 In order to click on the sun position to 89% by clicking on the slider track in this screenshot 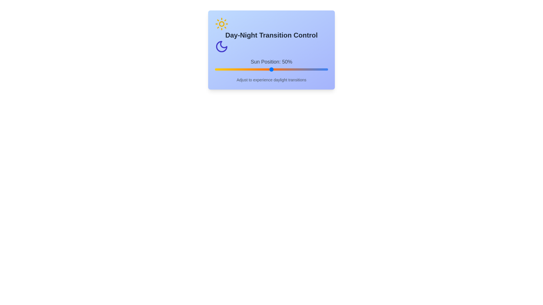, I will do `click(315, 69)`.